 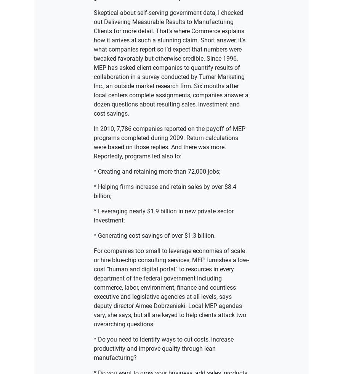 What do you see at coordinates (171, 224) in the screenshot?
I see `'Download Manufacturing'` at bounding box center [171, 224].